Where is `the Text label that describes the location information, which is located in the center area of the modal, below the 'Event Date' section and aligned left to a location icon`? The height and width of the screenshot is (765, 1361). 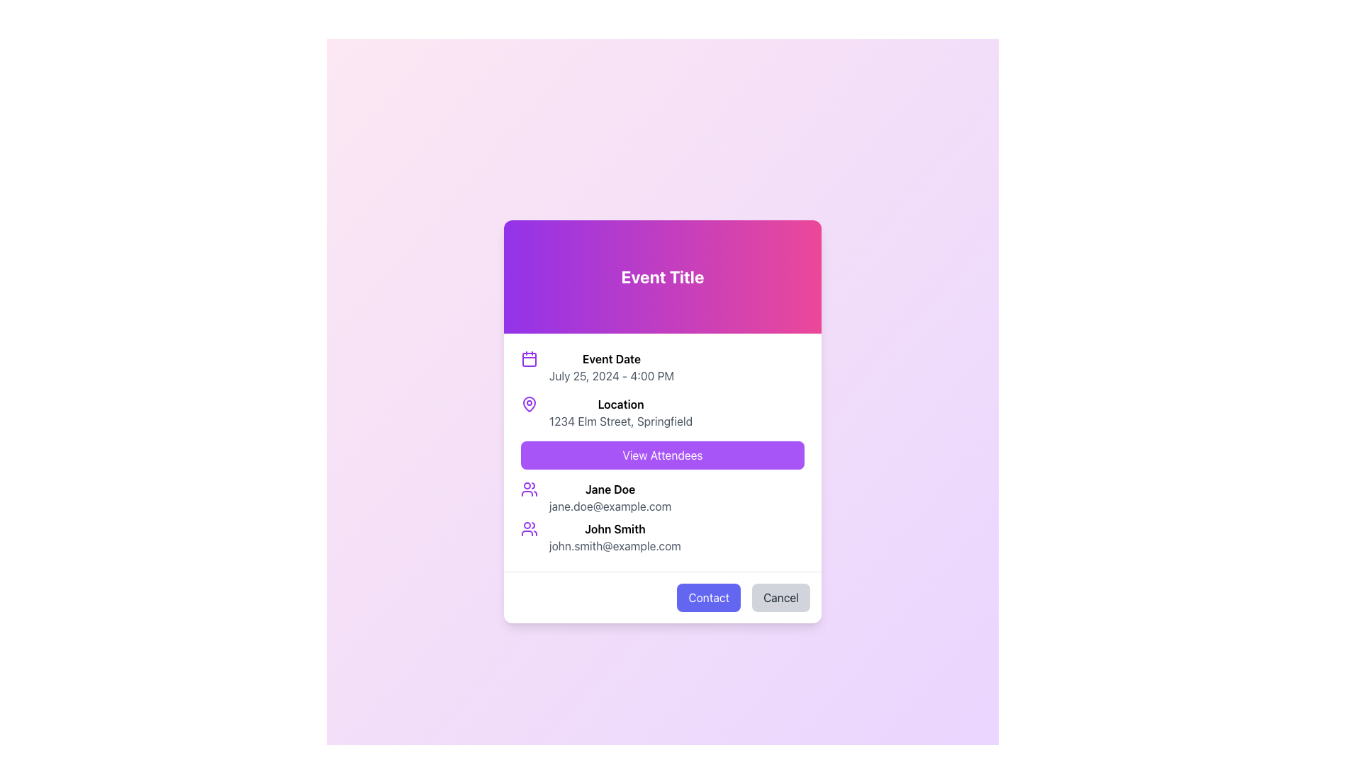
the Text label that describes the location information, which is located in the center area of the modal, below the 'Event Date' section and aligned left to a location icon is located at coordinates (621, 404).